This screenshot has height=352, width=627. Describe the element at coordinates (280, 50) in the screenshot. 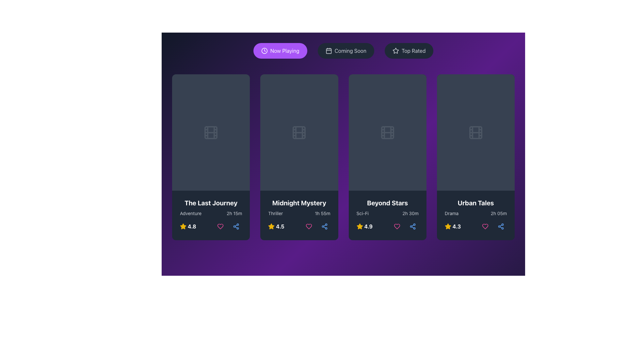

I see `the 'Now Playing' button, which has a purple background, rounded edges, and contains a white clock icon followed by the text 'Now Playing'` at that location.